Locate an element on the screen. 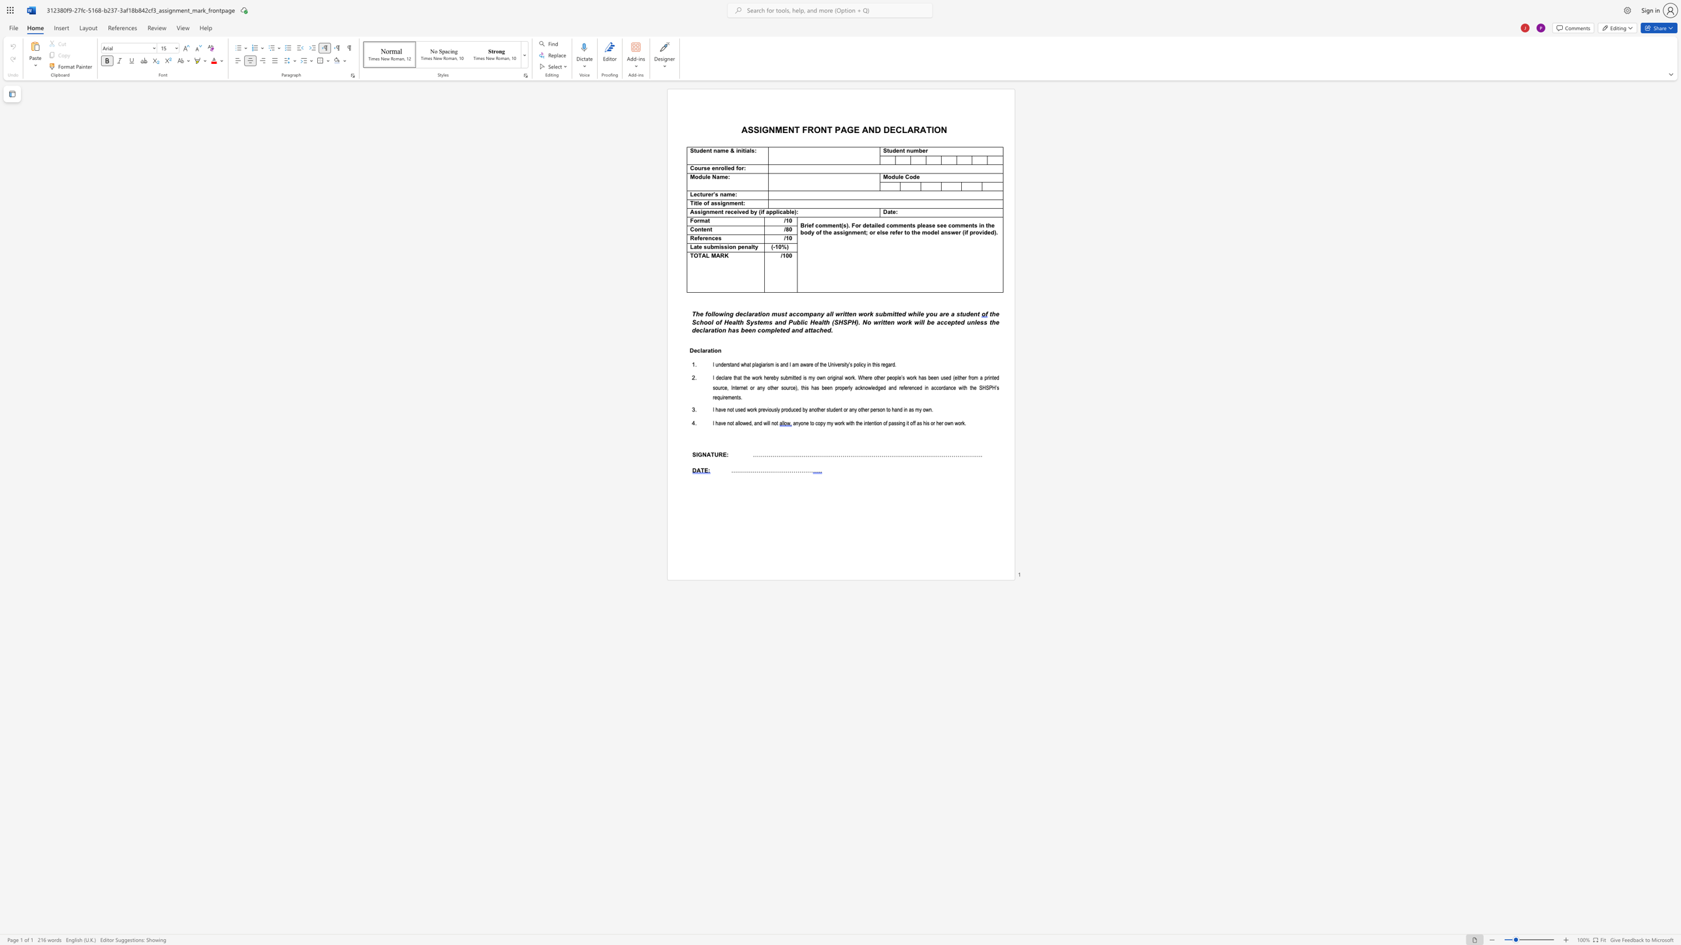  the subset text "wer (" within the text "Brief comment(s). For detailed comments please see comments in the body of the assignment; or else refer to the model answer (if provided)." is located at coordinates (950, 232).